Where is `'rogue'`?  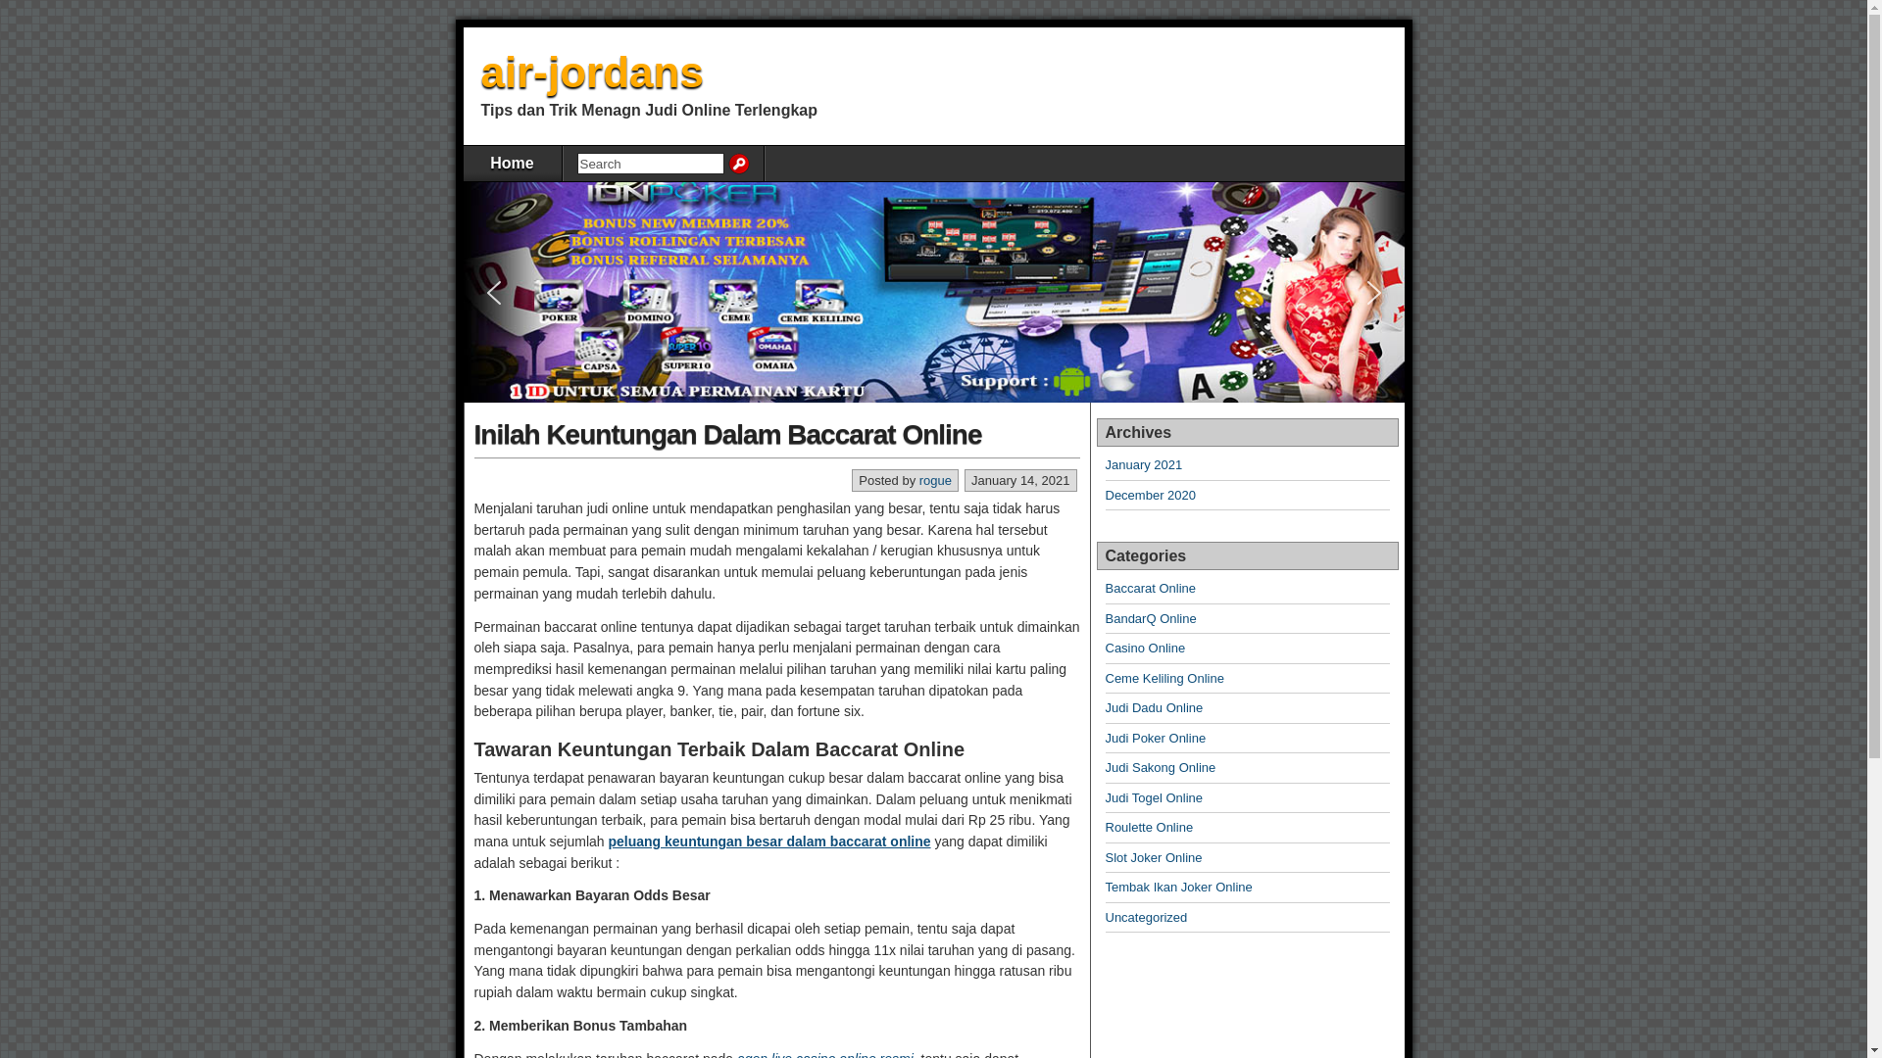
'rogue' is located at coordinates (934, 480).